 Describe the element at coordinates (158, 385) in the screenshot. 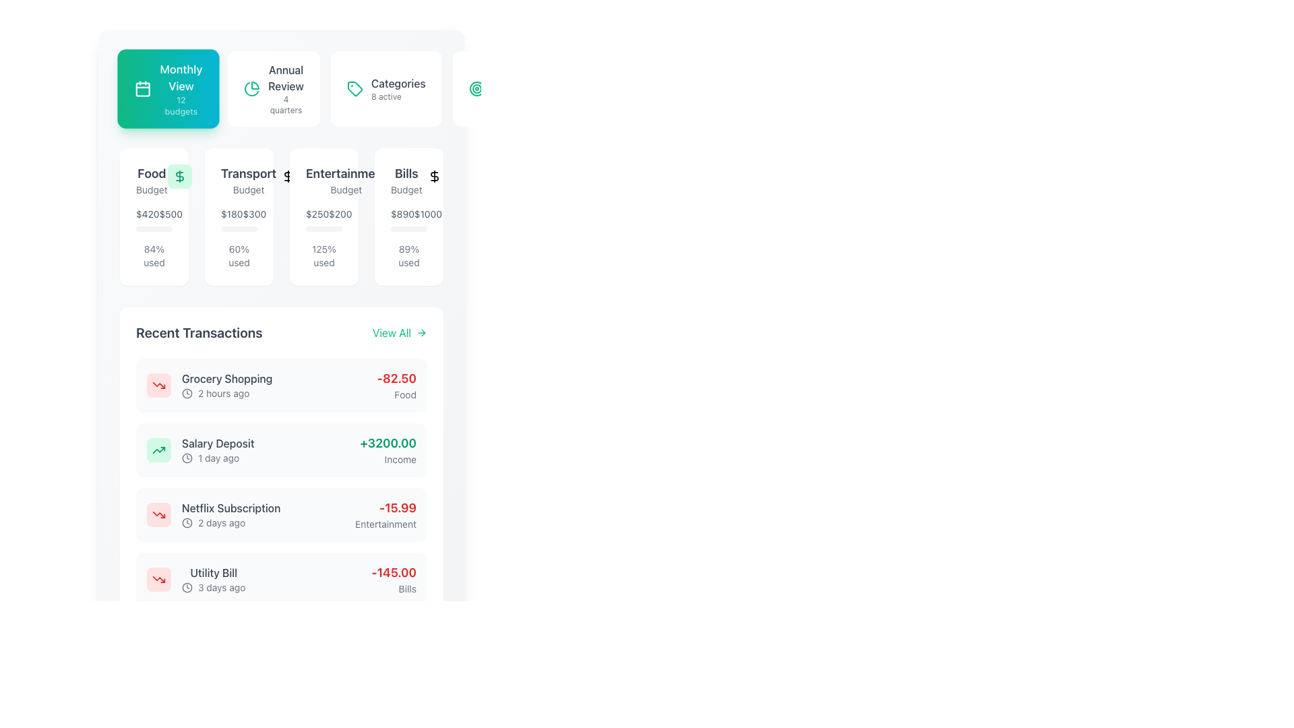

I see `the appearance of the compact, rounded rectangular icon with a soft red background and a downward trending arrow graphic, located to the left of the 'Grocery Shopping' text in the 'Recent Transactions' section` at that location.